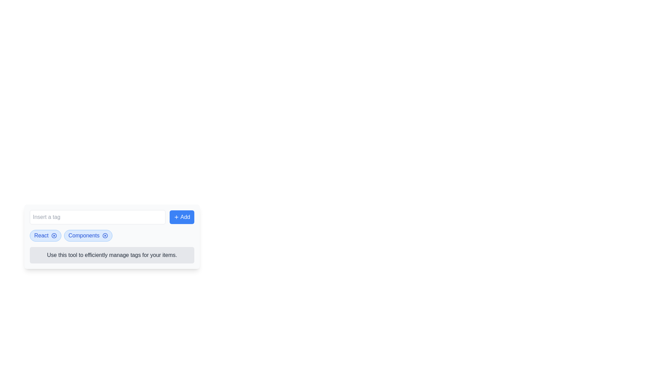 The width and height of the screenshot is (658, 370). What do you see at coordinates (105, 235) in the screenshot?
I see `the interactive tag control icon associated with the 'Components' tag to change its styling` at bounding box center [105, 235].